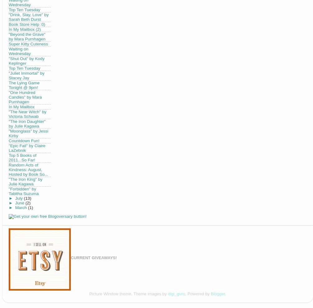 This screenshot has height=308, width=313. What do you see at coordinates (9, 96) in the screenshot?
I see `'"One Hundred Candles" by Mara Purnhagen'` at bounding box center [9, 96].